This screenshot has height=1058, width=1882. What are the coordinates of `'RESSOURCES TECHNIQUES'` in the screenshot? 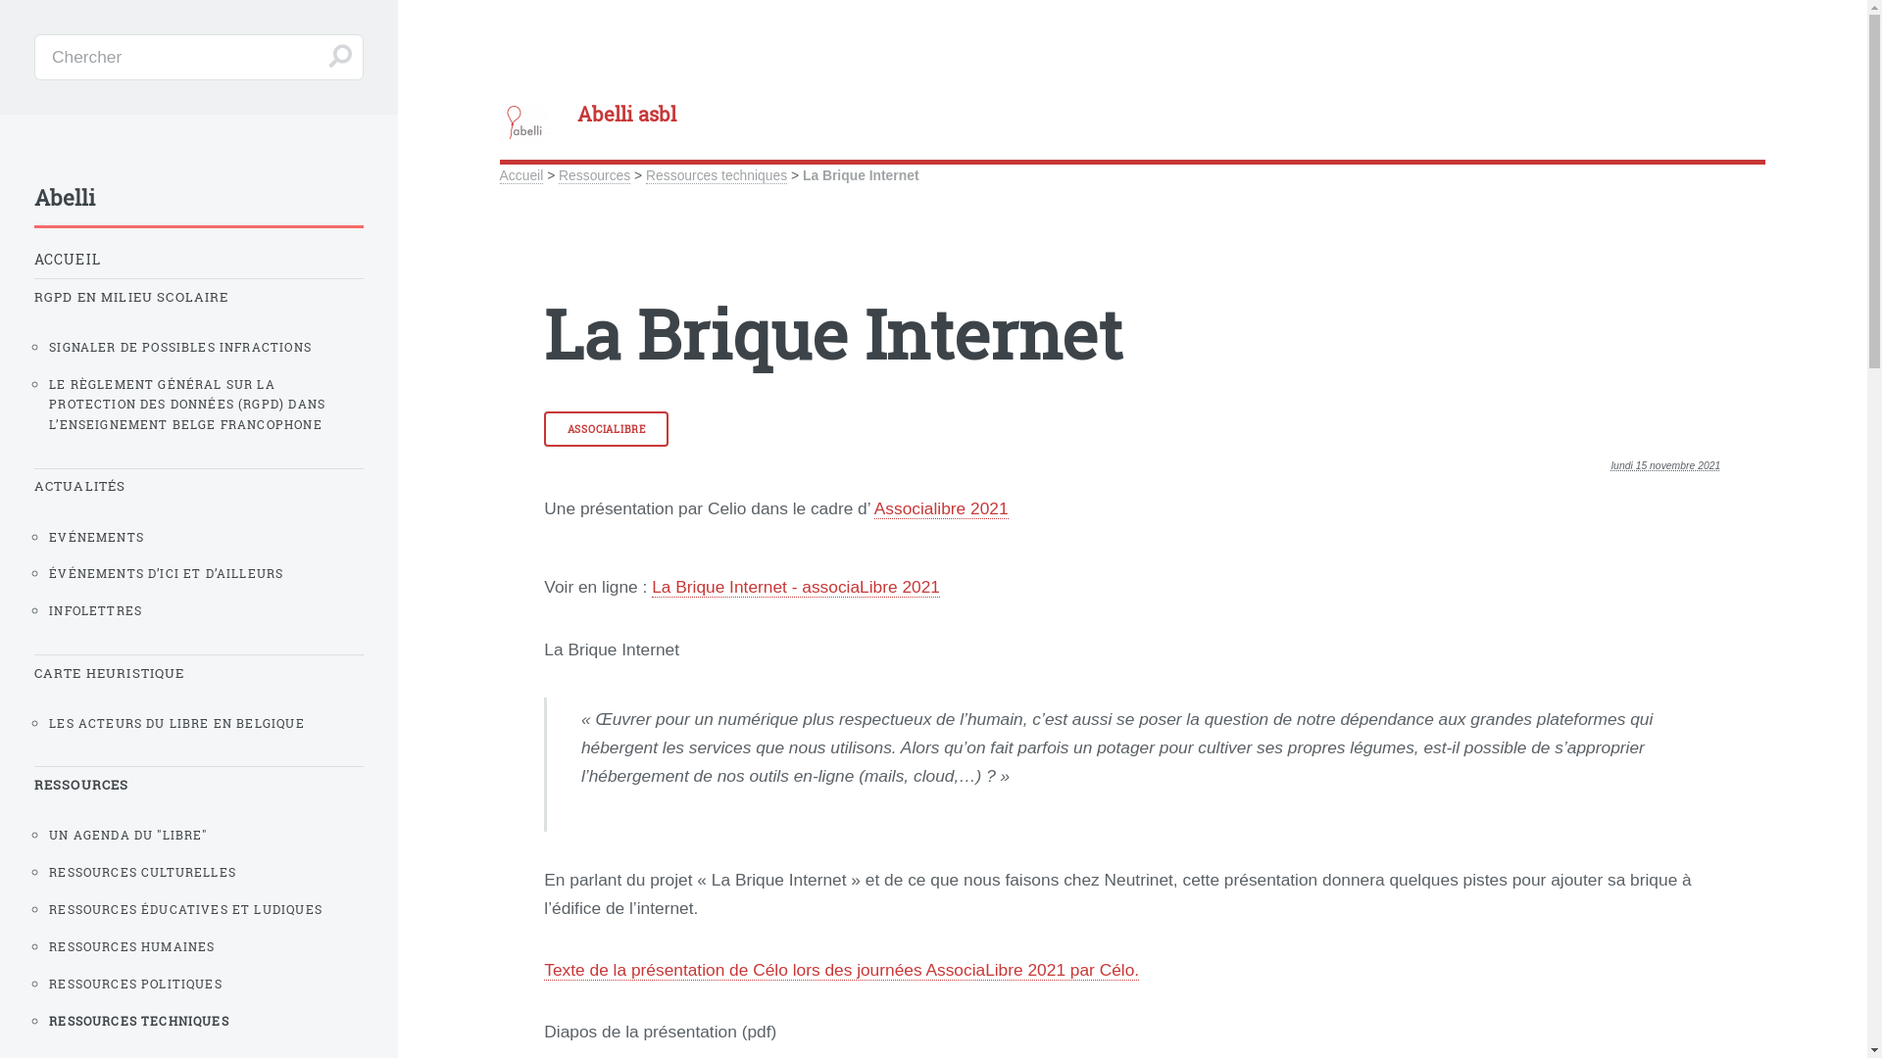 It's located at (206, 1020).